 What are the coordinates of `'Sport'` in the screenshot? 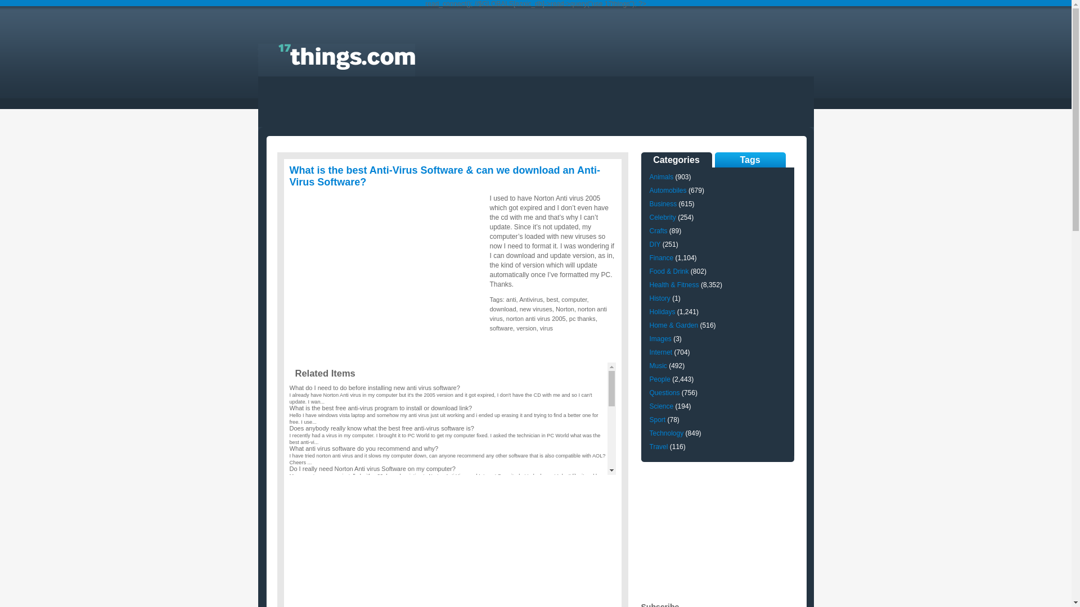 It's located at (657, 420).